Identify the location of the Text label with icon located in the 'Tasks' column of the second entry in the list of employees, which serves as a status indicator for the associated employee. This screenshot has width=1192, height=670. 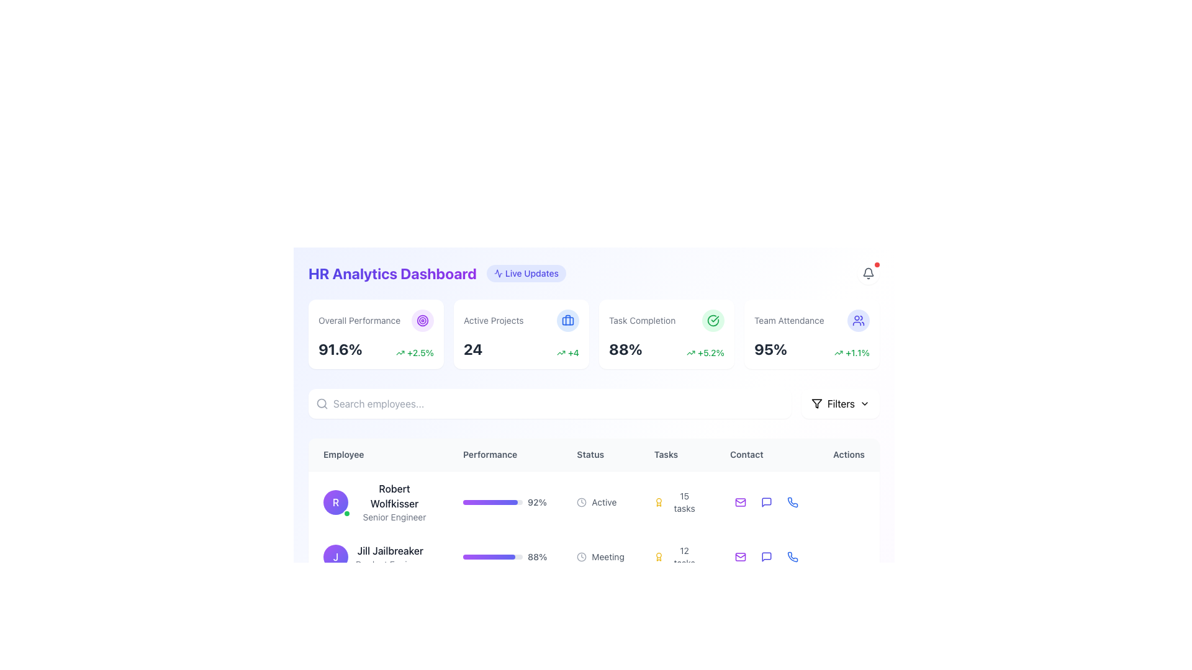
(600, 556).